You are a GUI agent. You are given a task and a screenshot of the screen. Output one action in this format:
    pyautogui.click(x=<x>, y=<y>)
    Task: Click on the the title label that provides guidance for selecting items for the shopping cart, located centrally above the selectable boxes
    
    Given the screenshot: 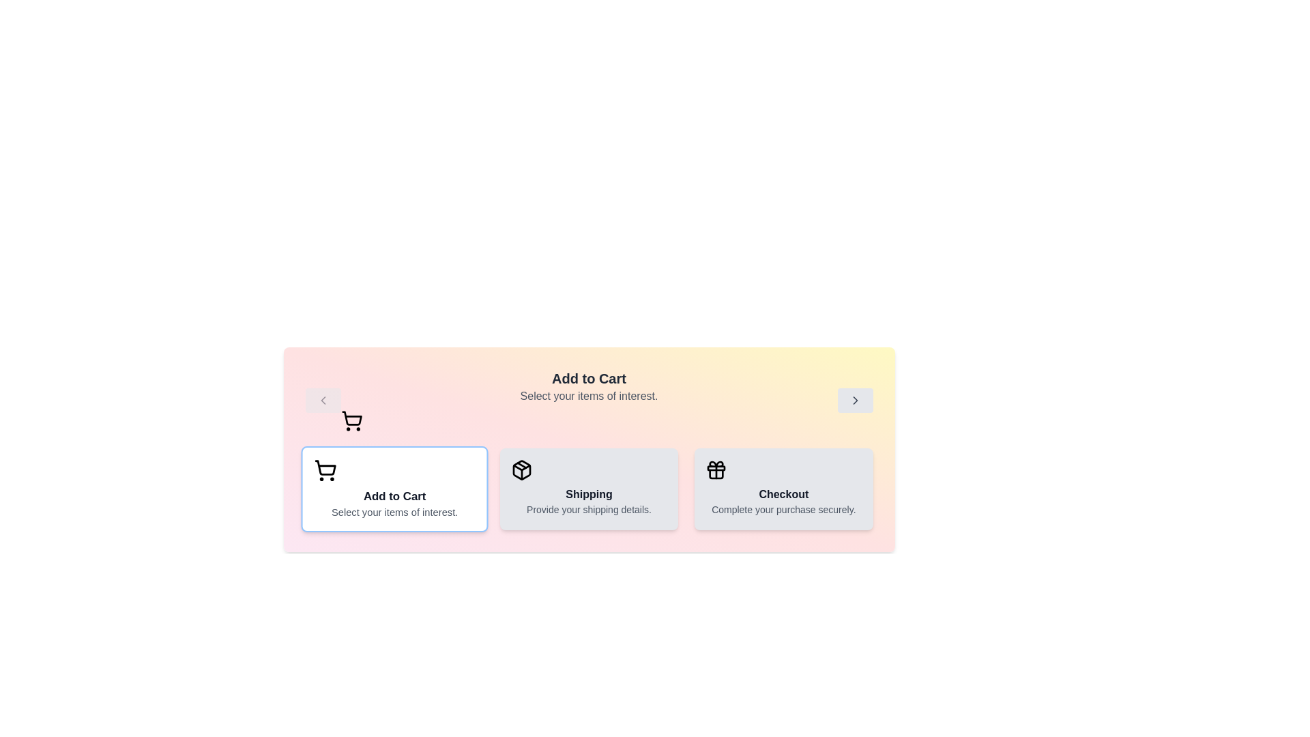 What is the action you would take?
    pyautogui.click(x=589, y=399)
    